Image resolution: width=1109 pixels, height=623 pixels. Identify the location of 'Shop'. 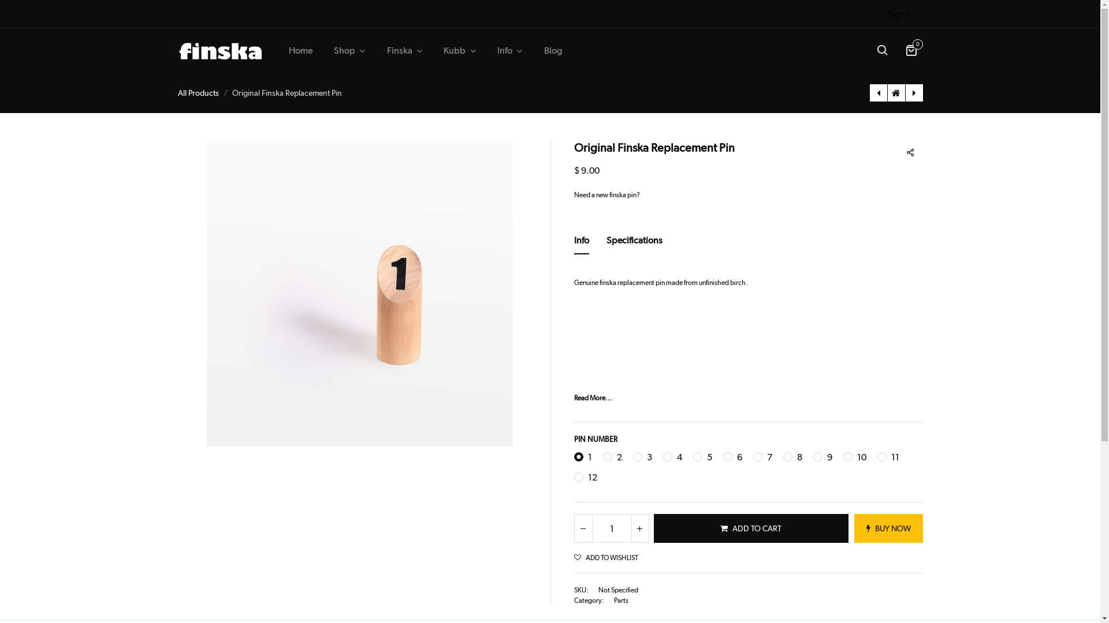
(326, 50).